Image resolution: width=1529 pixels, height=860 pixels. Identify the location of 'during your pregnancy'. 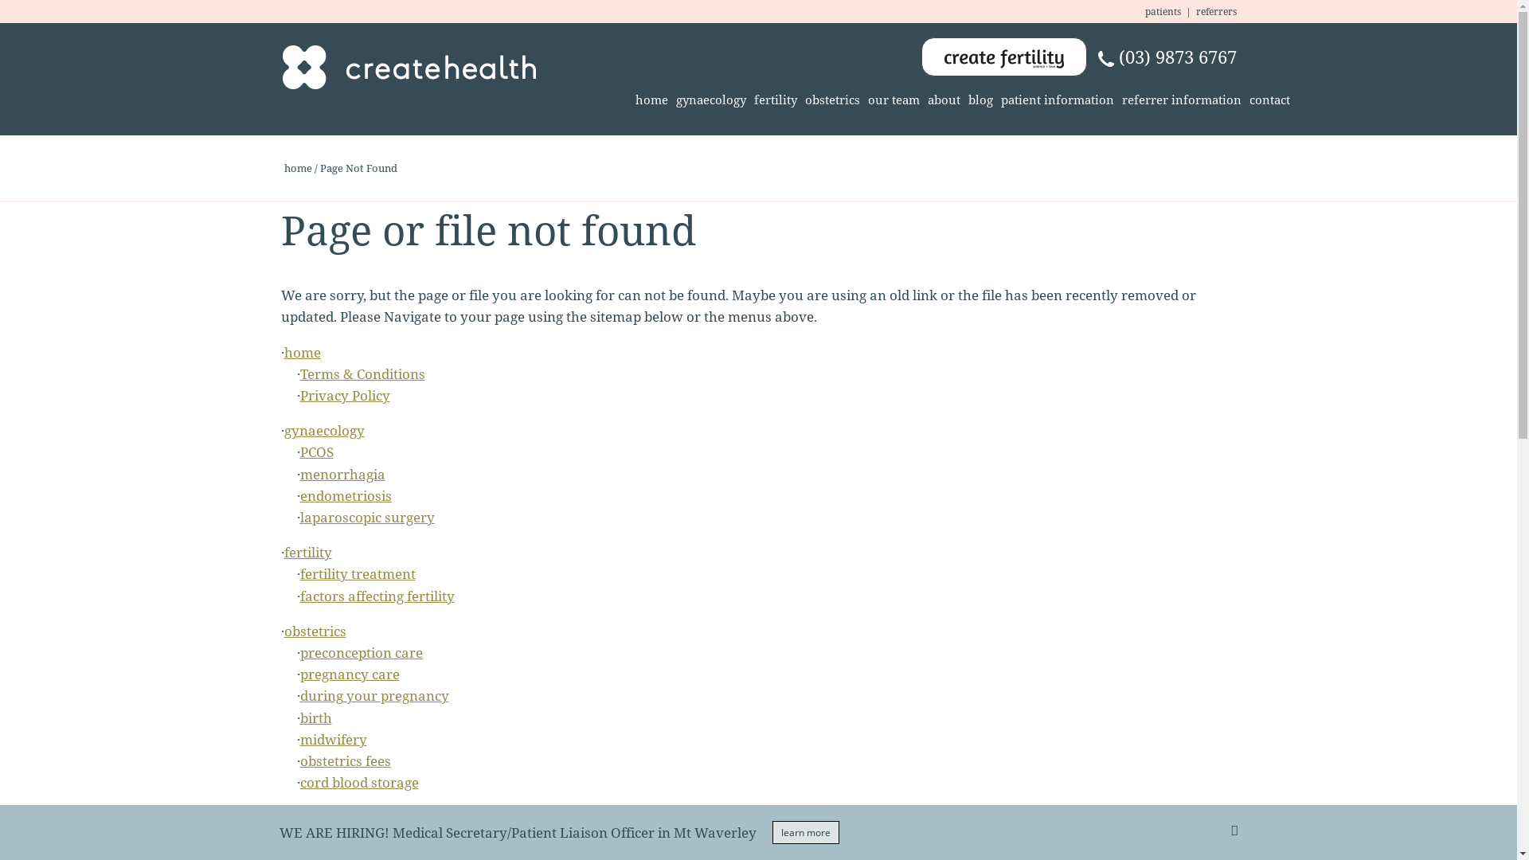
(299, 694).